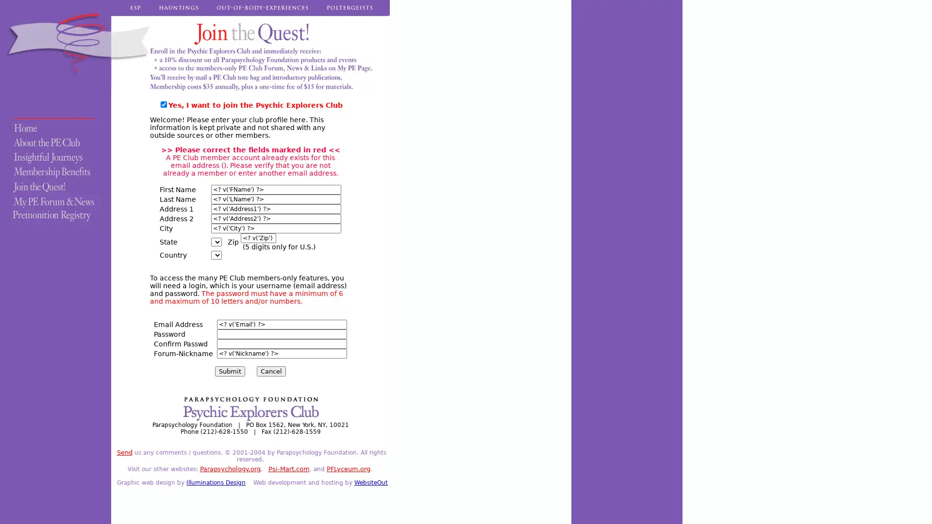  What do you see at coordinates (230, 371) in the screenshot?
I see `Submit` at bounding box center [230, 371].